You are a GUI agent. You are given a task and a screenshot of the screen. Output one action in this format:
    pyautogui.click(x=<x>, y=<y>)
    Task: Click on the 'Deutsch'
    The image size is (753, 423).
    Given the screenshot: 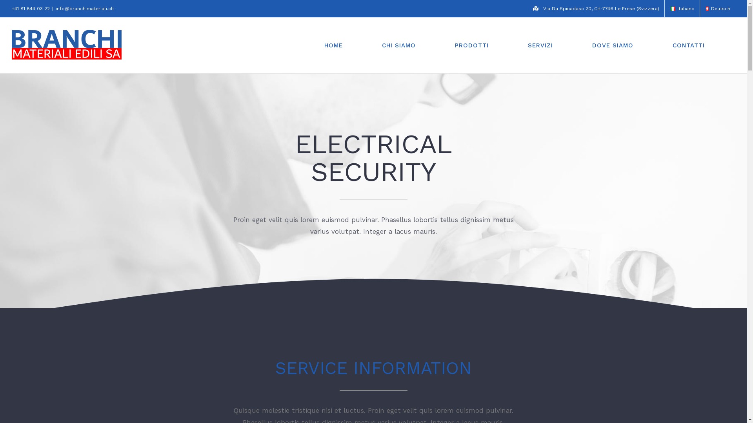 What is the action you would take?
    pyautogui.click(x=707, y=9)
    